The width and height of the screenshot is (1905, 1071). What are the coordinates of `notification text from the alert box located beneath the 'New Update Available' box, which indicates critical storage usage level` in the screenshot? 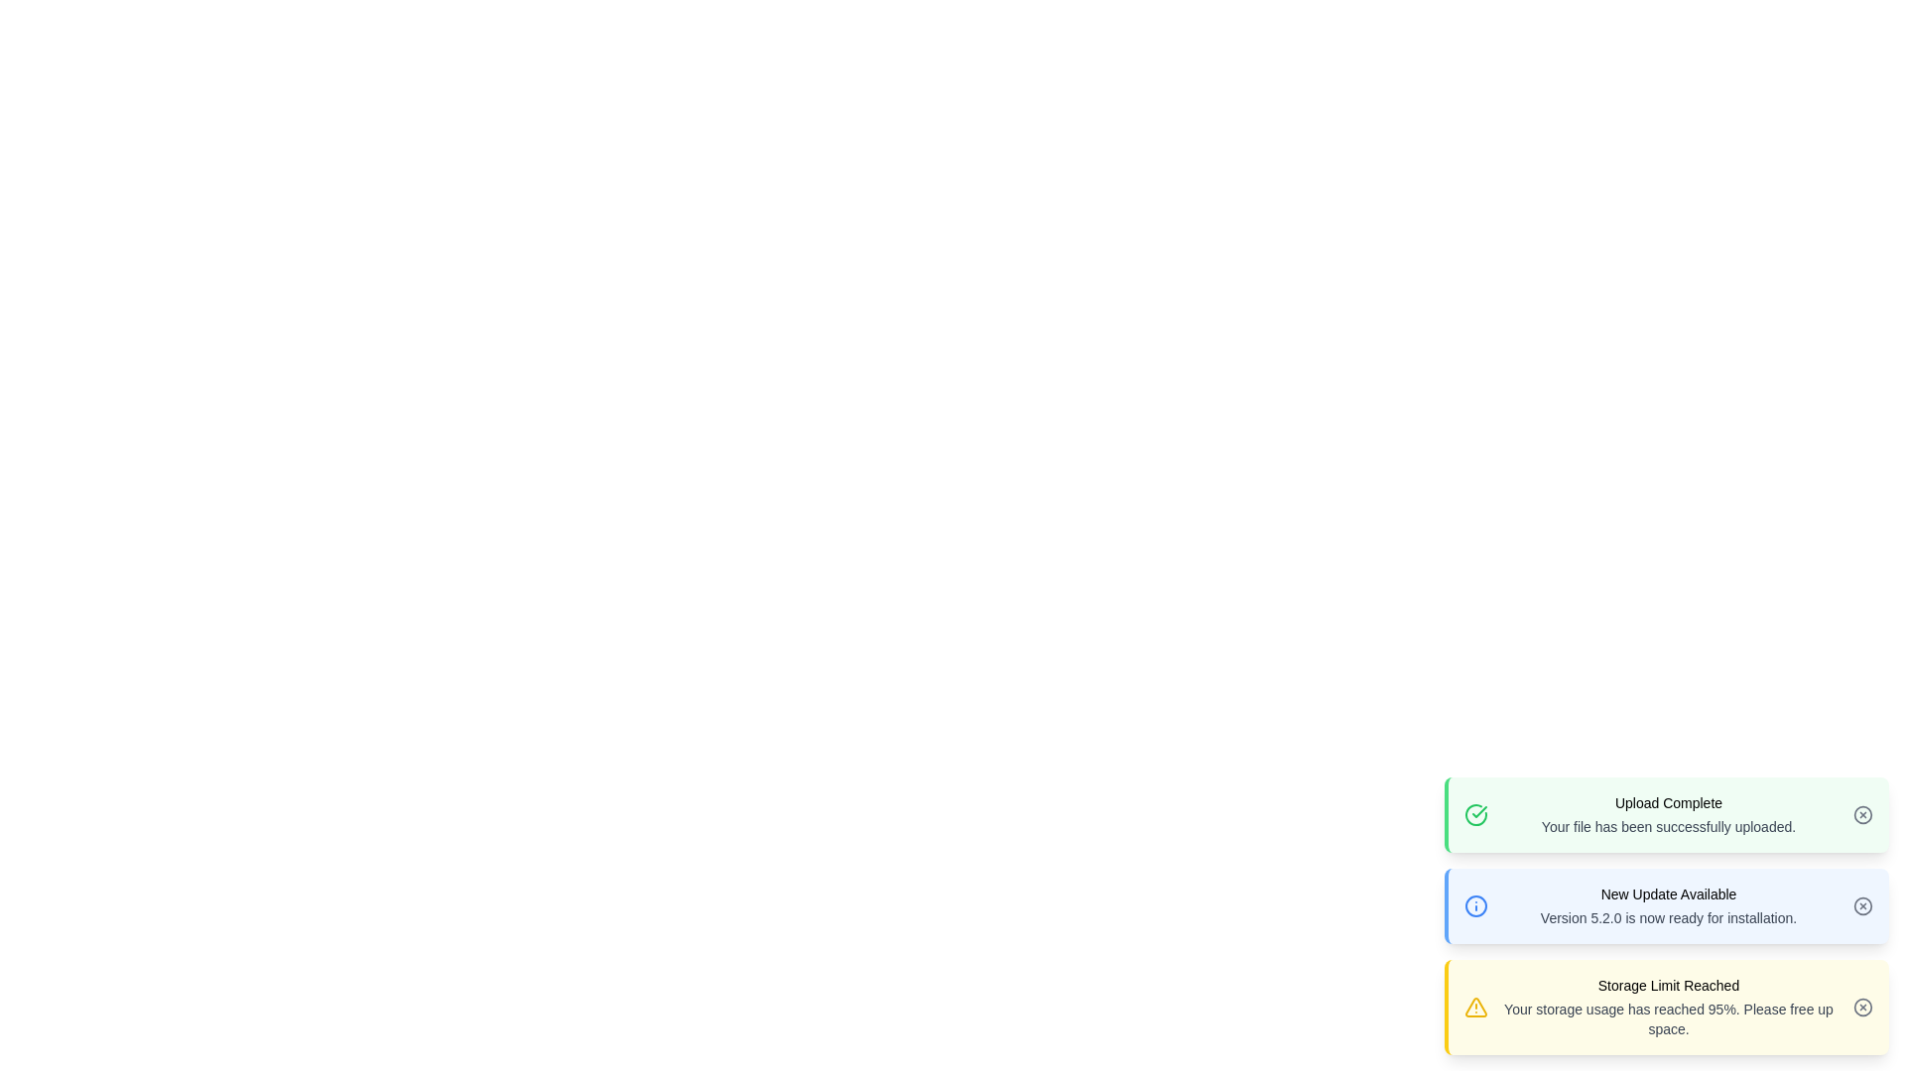 It's located at (1667, 1007).